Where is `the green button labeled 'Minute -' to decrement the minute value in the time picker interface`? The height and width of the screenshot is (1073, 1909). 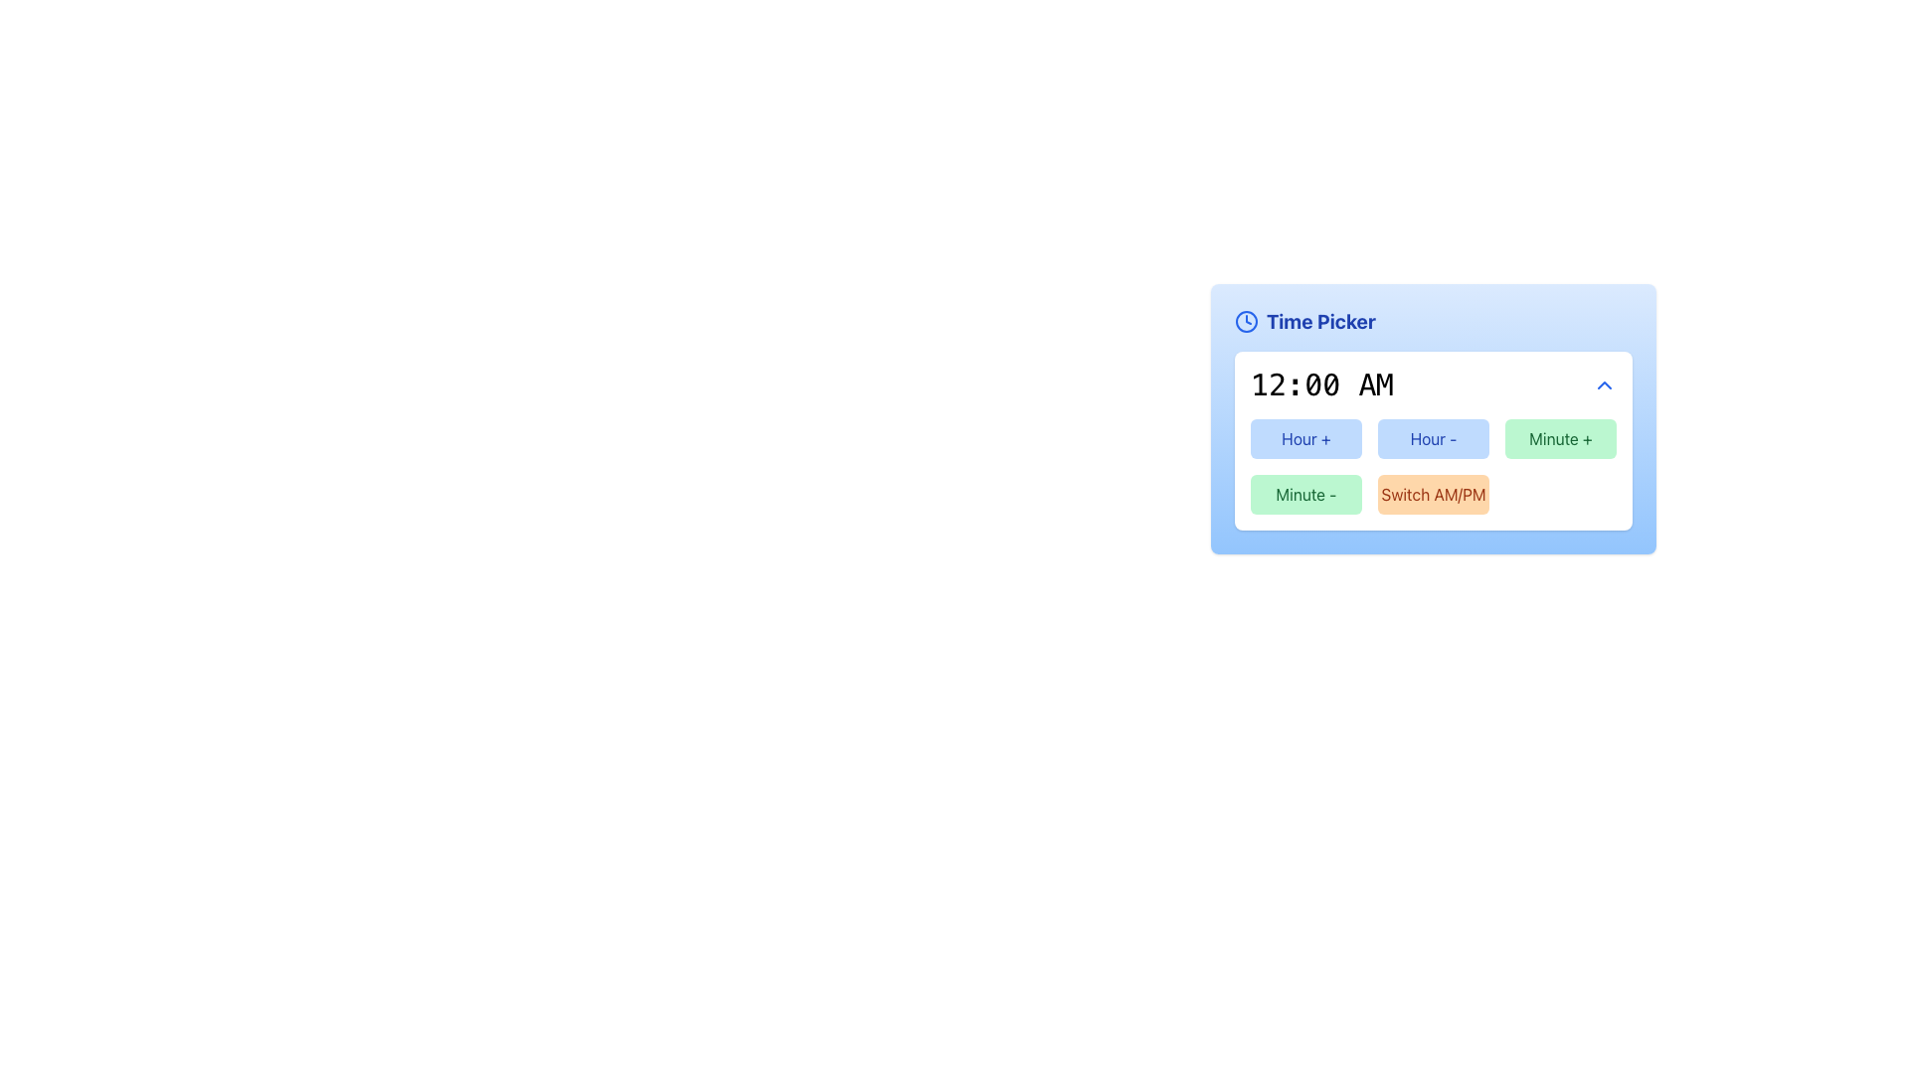
the green button labeled 'Minute -' to decrement the minute value in the time picker interface is located at coordinates (1306, 493).